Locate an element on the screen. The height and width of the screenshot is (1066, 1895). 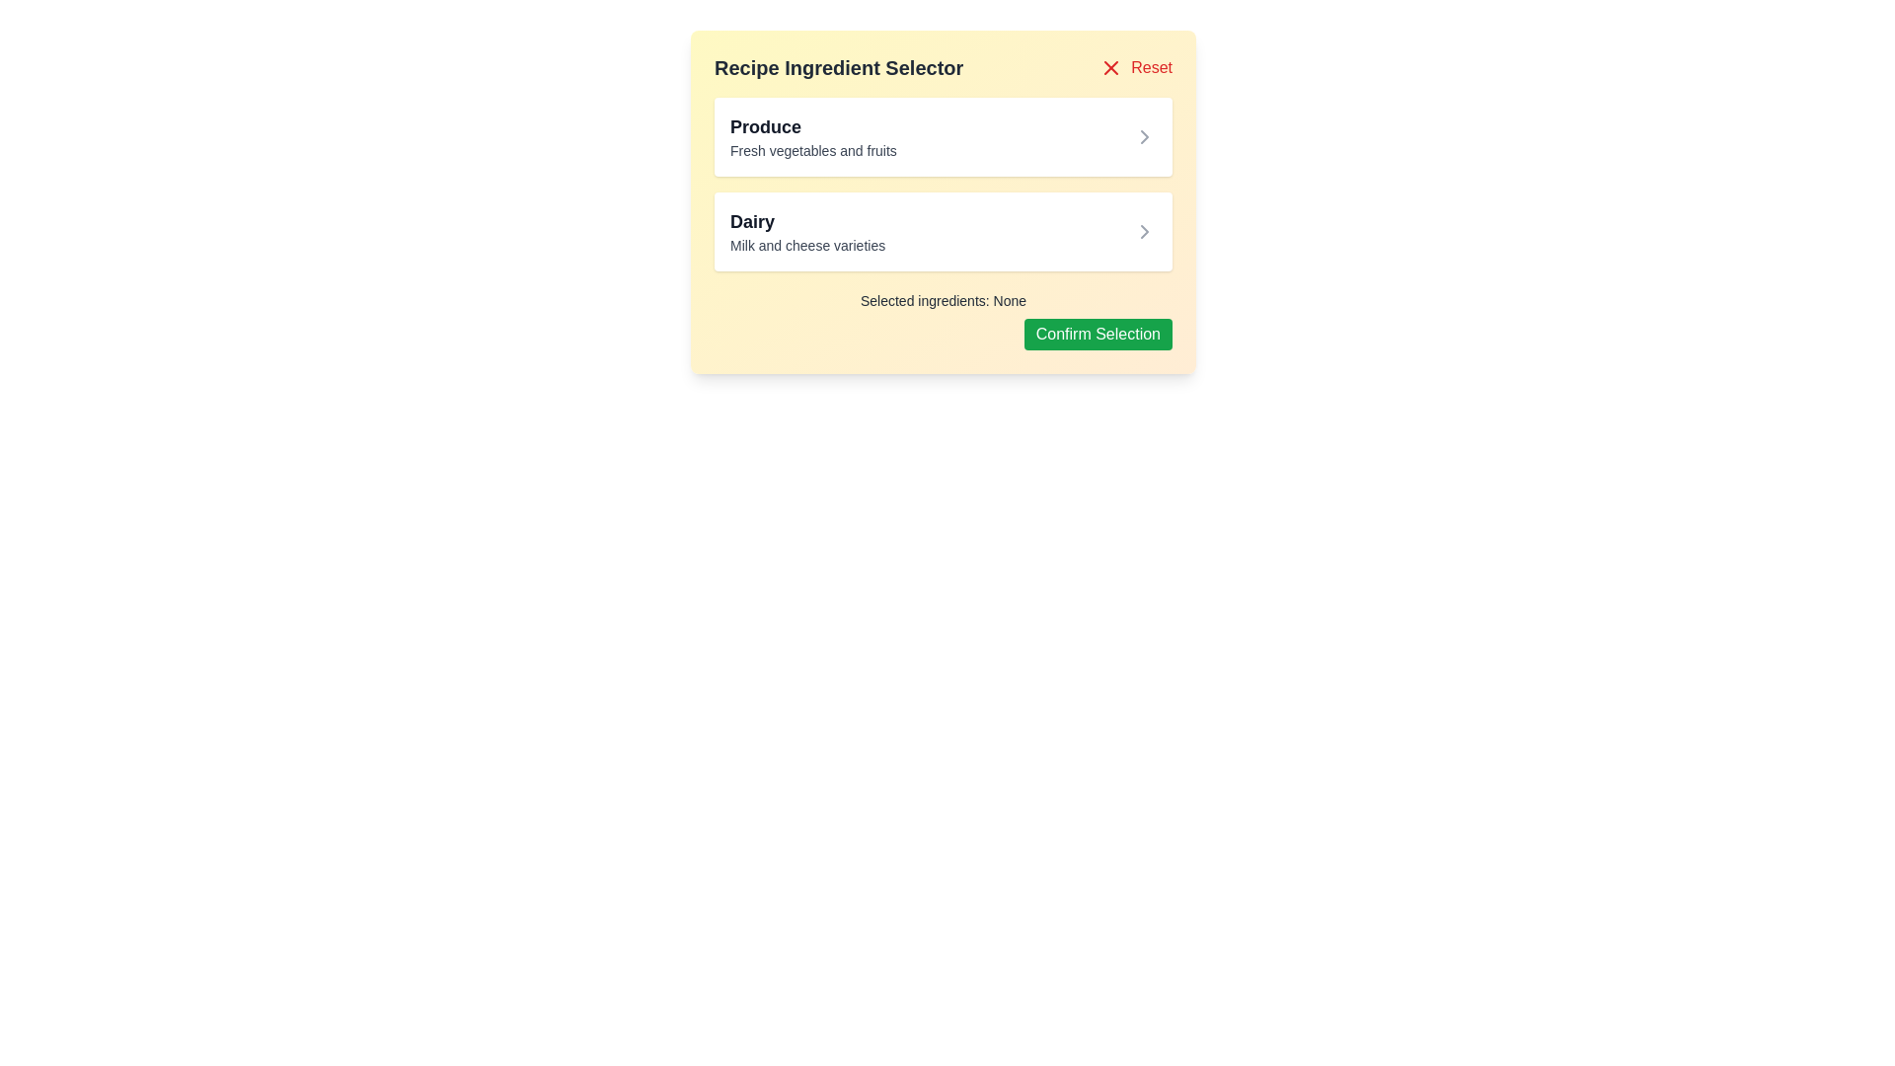
the 'Confirm' button located in the bottom-right corner of the 'Recipe Ingredient Selector' dialog to confirm the current selection of items is located at coordinates (1097, 334).